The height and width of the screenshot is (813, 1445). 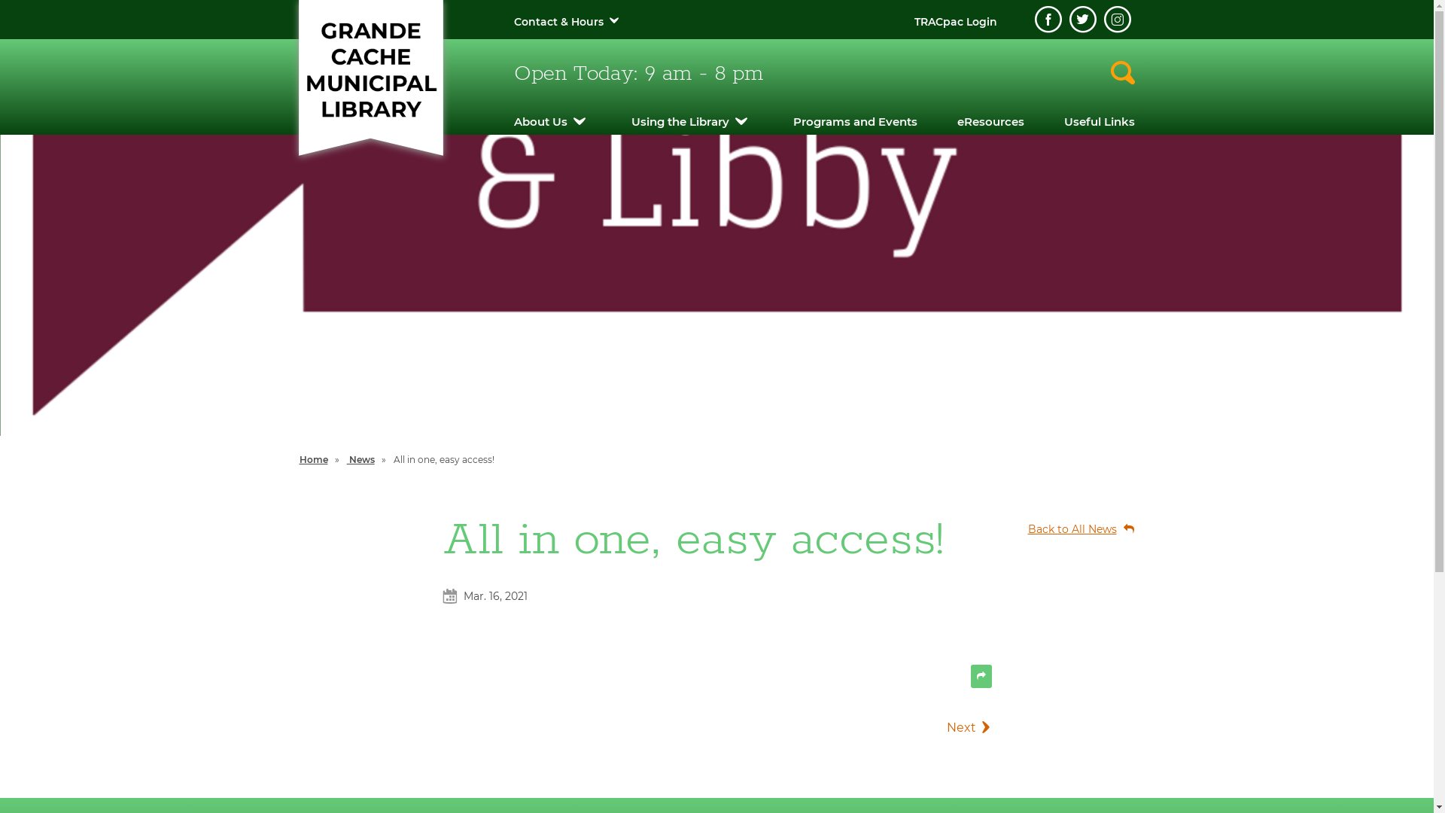 What do you see at coordinates (360, 458) in the screenshot?
I see `'News'` at bounding box center [360, 458].